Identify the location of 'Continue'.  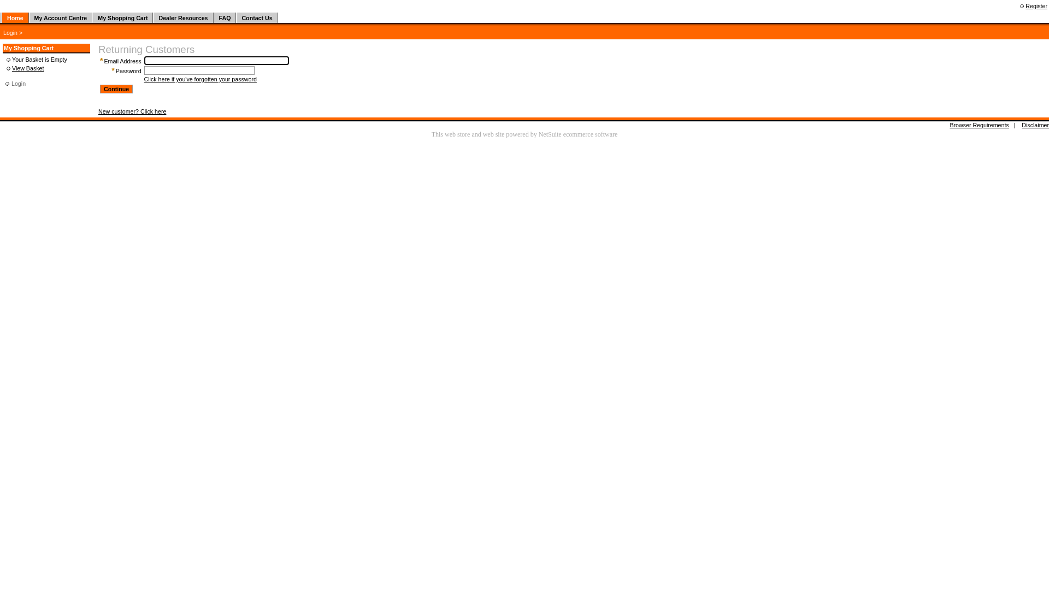
(116, 88).